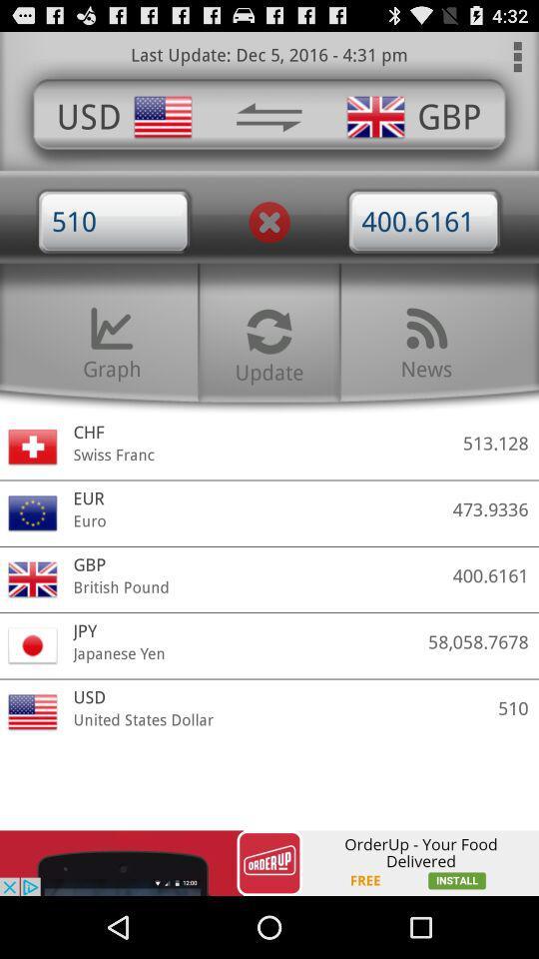 The height and width of the screenshot is (959, 539). I want to click on 4006161 option, so click(423, 222).